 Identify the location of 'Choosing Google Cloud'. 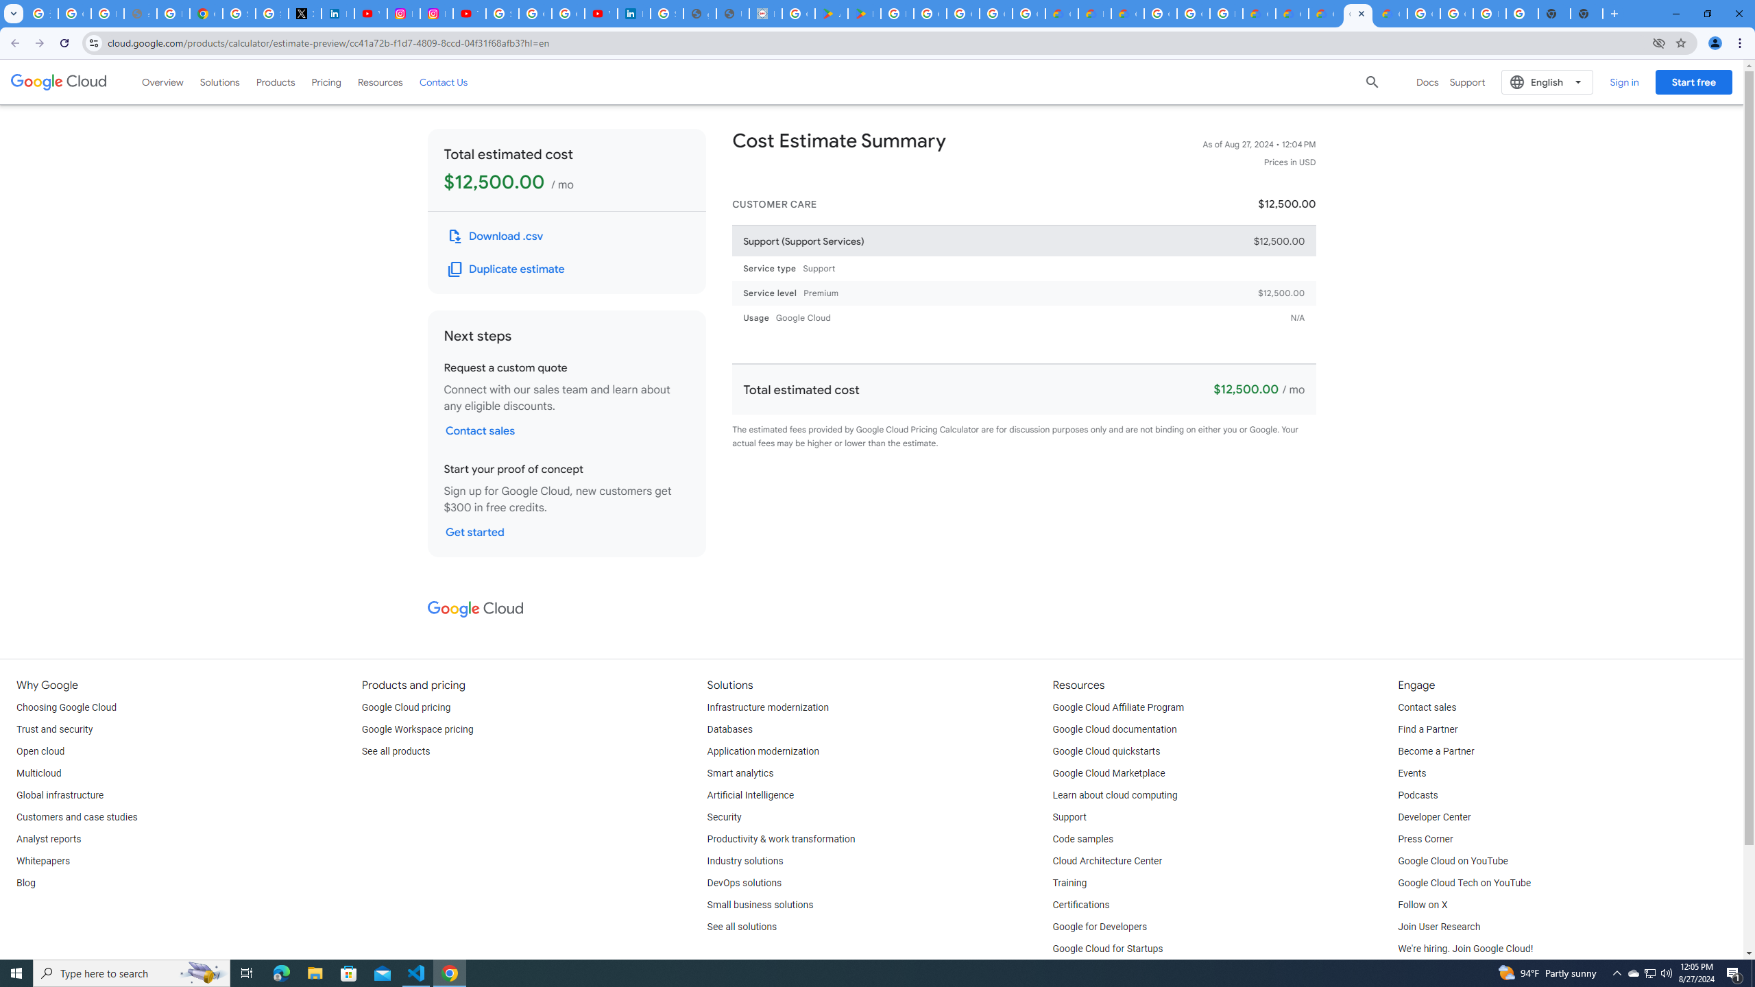
(66, 707).